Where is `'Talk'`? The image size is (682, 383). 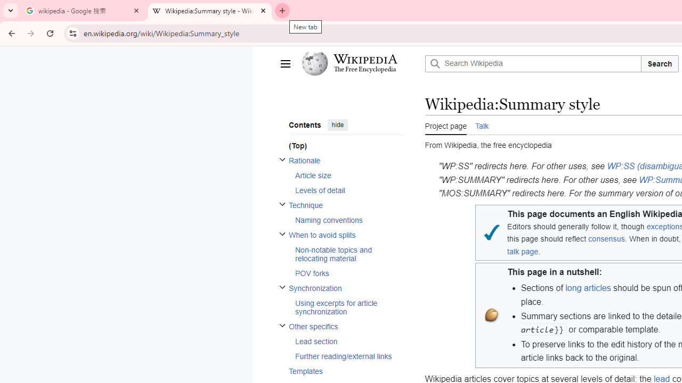
'Talk' is located at coordinates (481, 124).